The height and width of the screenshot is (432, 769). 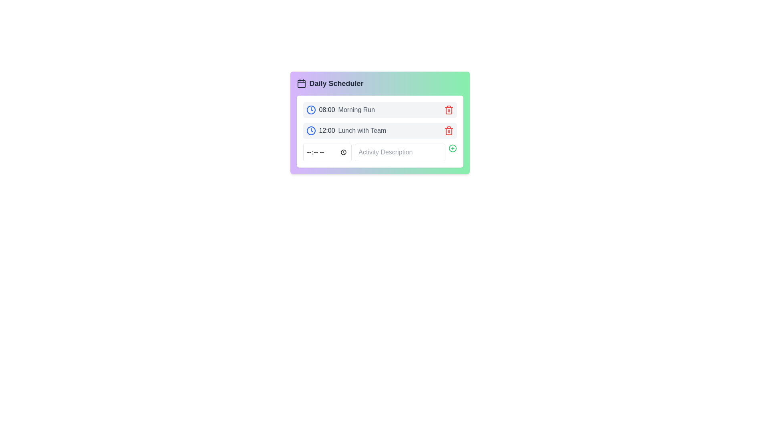 What do you see at coordinates (346, 130) in the screenshot?
I see `the '12:00 Lunch with Team' text with clock icon, which is the second event entry in the 'Daily Scheduler' card, below the '08:00 Morning Run' entry` at bounding box center [346, 130].